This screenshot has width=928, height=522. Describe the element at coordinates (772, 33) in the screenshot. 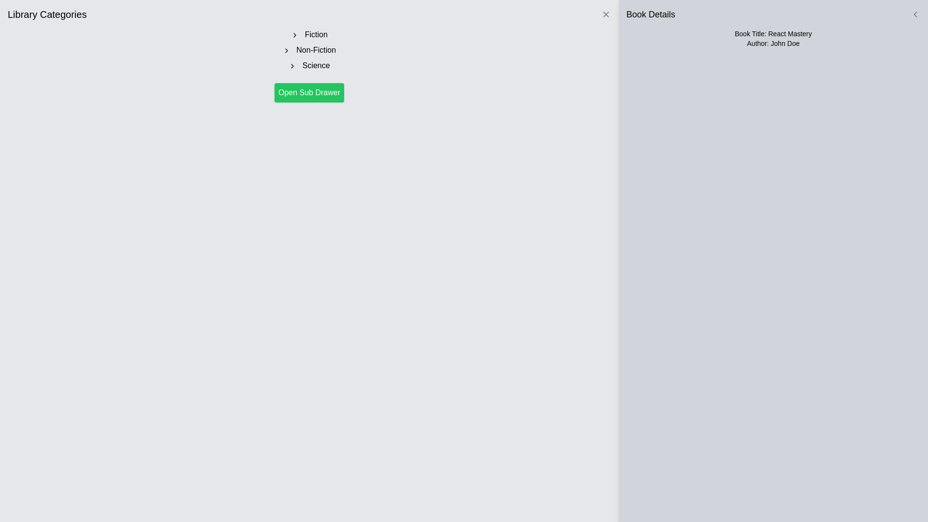

I see `the label displaying 'Book Title: React Mastery' located in the right-hand panel under the 'Book Details' heading` at that location.